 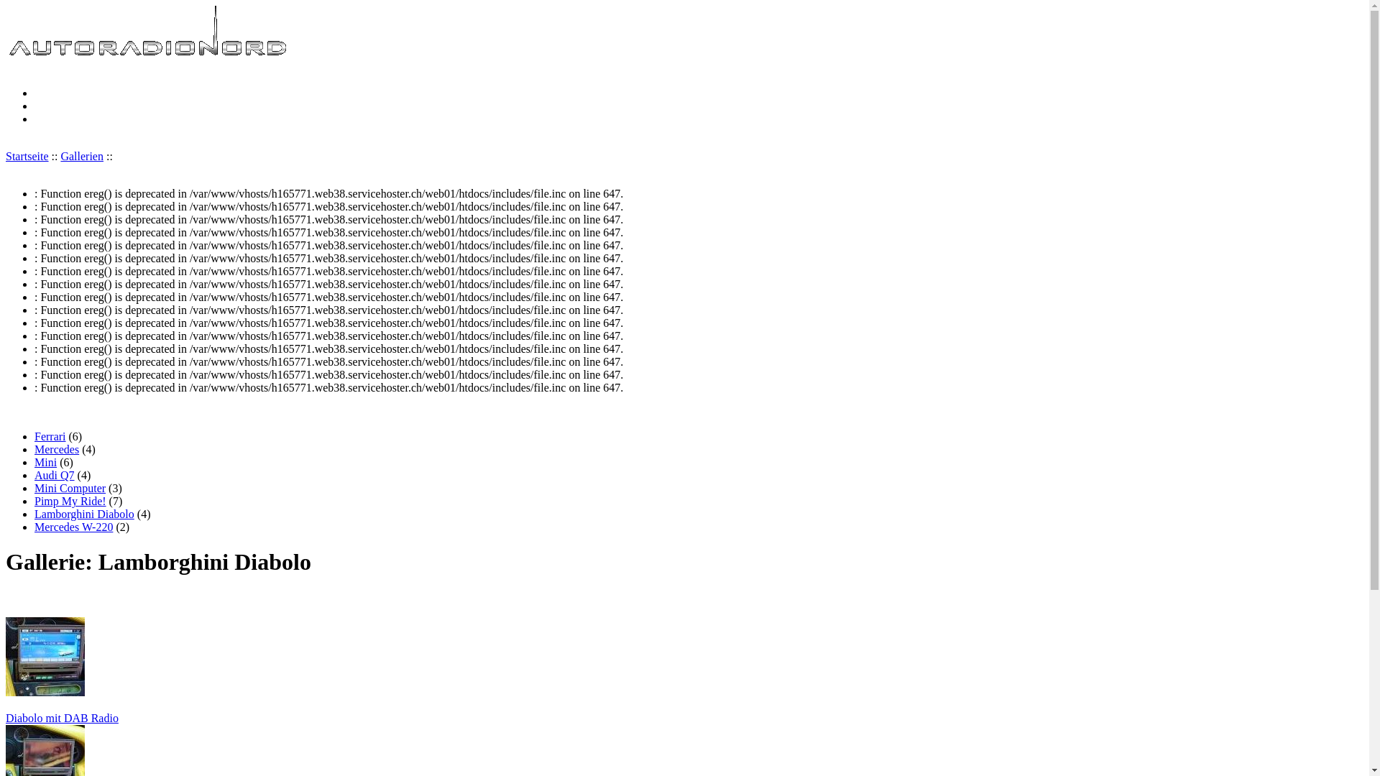 I want to click on 'Ferrari', so click(x=50, y=435).